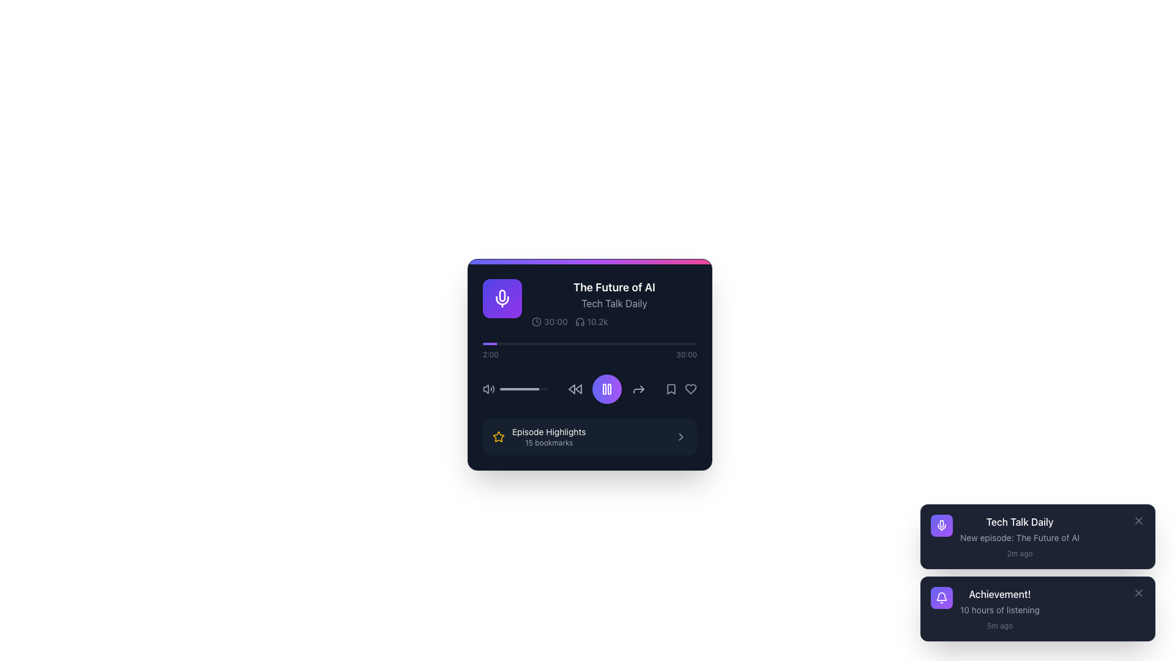 The image size is (1175, 661). I want to click on the Content display area that shows the title 'The Future of AI' and the subtitle 'Tech Talk Daily', which includes icons for duration and audience size, so click(590, 303).